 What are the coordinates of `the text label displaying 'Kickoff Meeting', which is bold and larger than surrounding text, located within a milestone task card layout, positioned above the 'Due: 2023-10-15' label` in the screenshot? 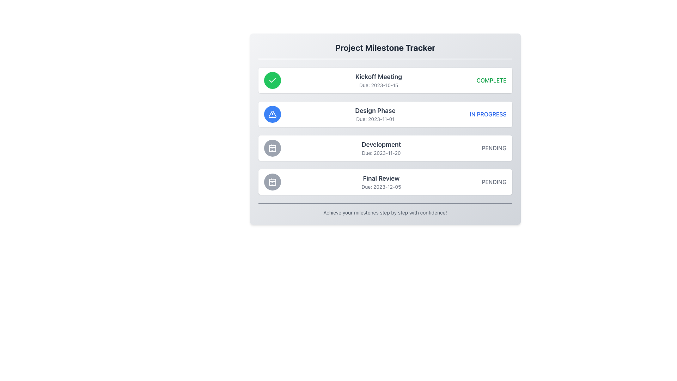 It's located at (378, 77).